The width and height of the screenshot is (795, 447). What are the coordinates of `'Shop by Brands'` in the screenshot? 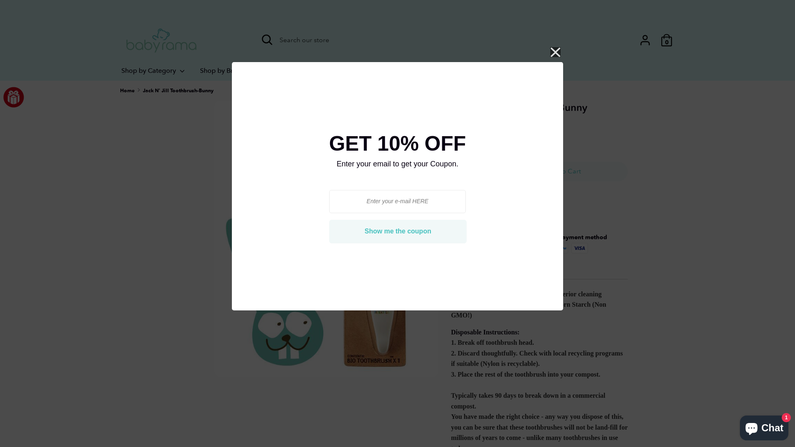 It's located at (229, 73).